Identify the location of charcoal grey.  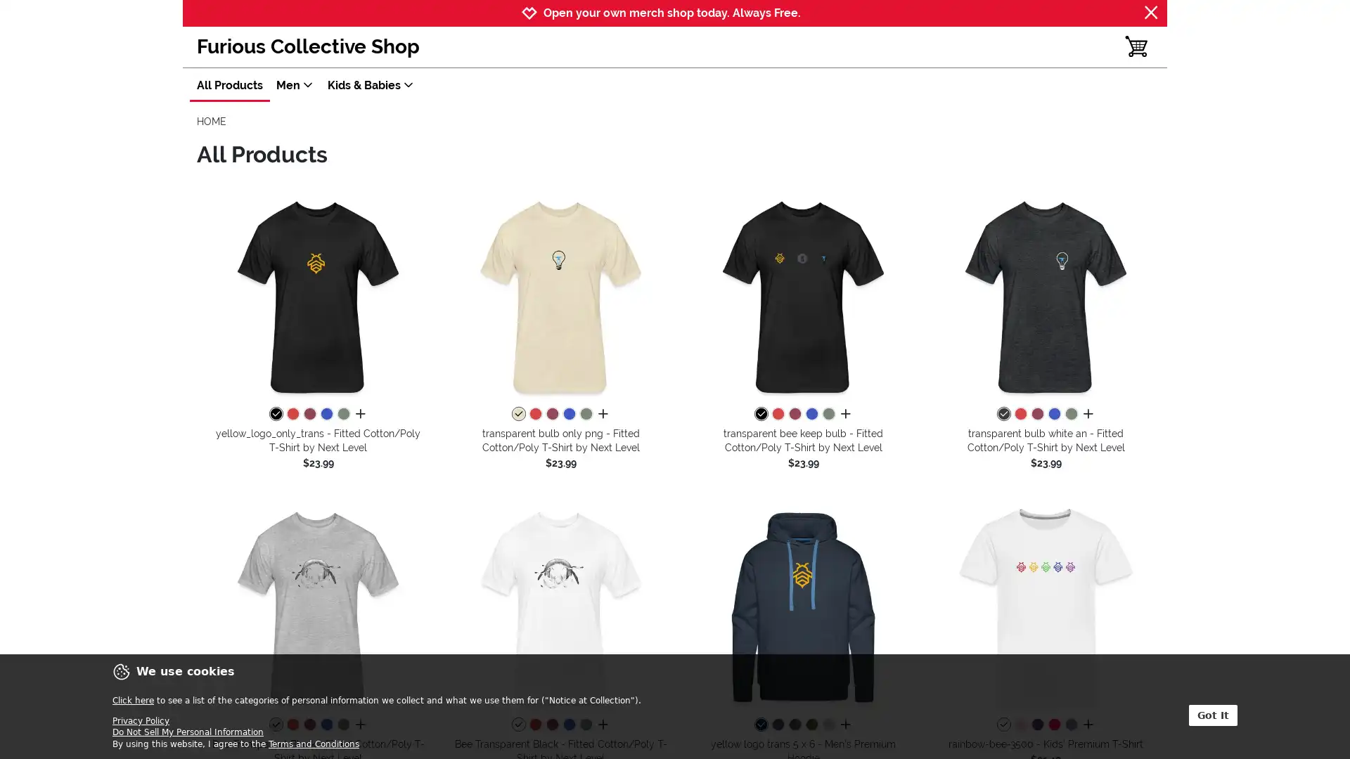
(794, 725).